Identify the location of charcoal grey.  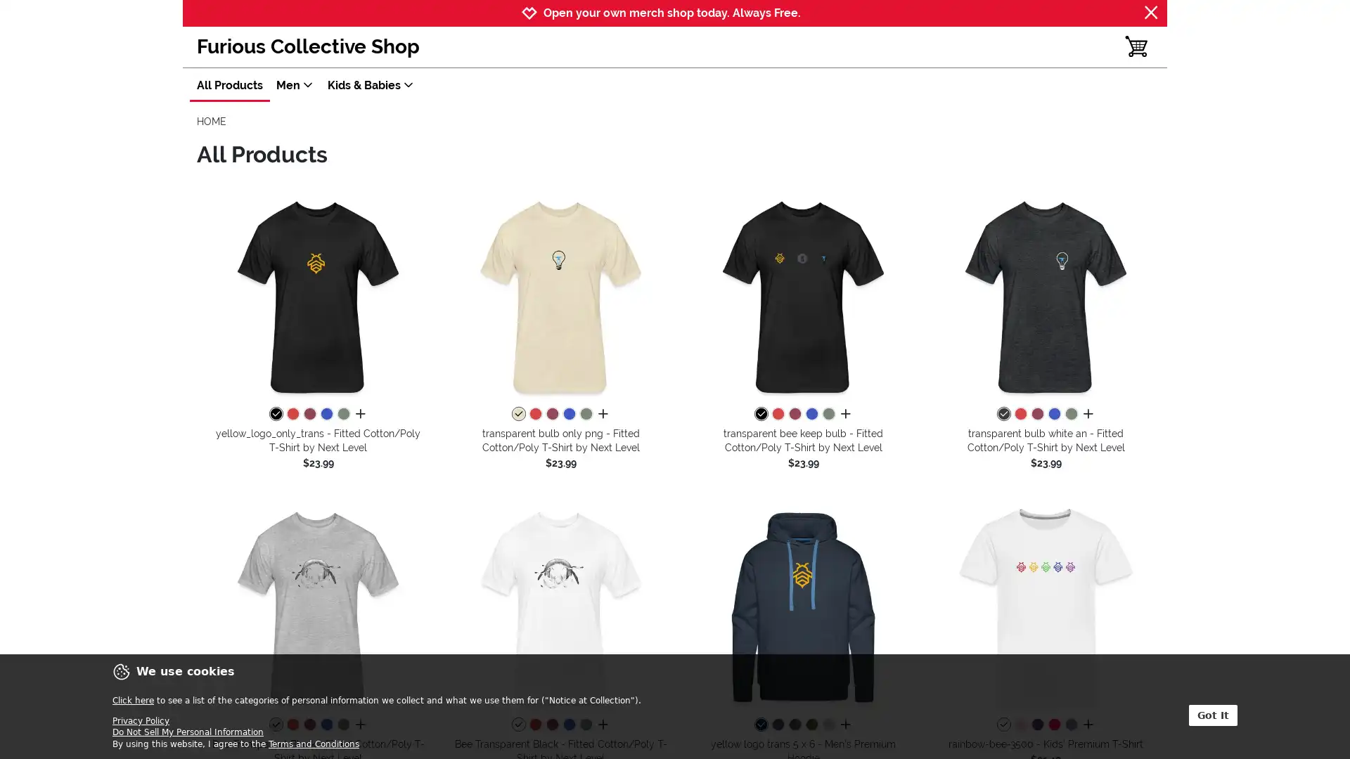
(794, 725).